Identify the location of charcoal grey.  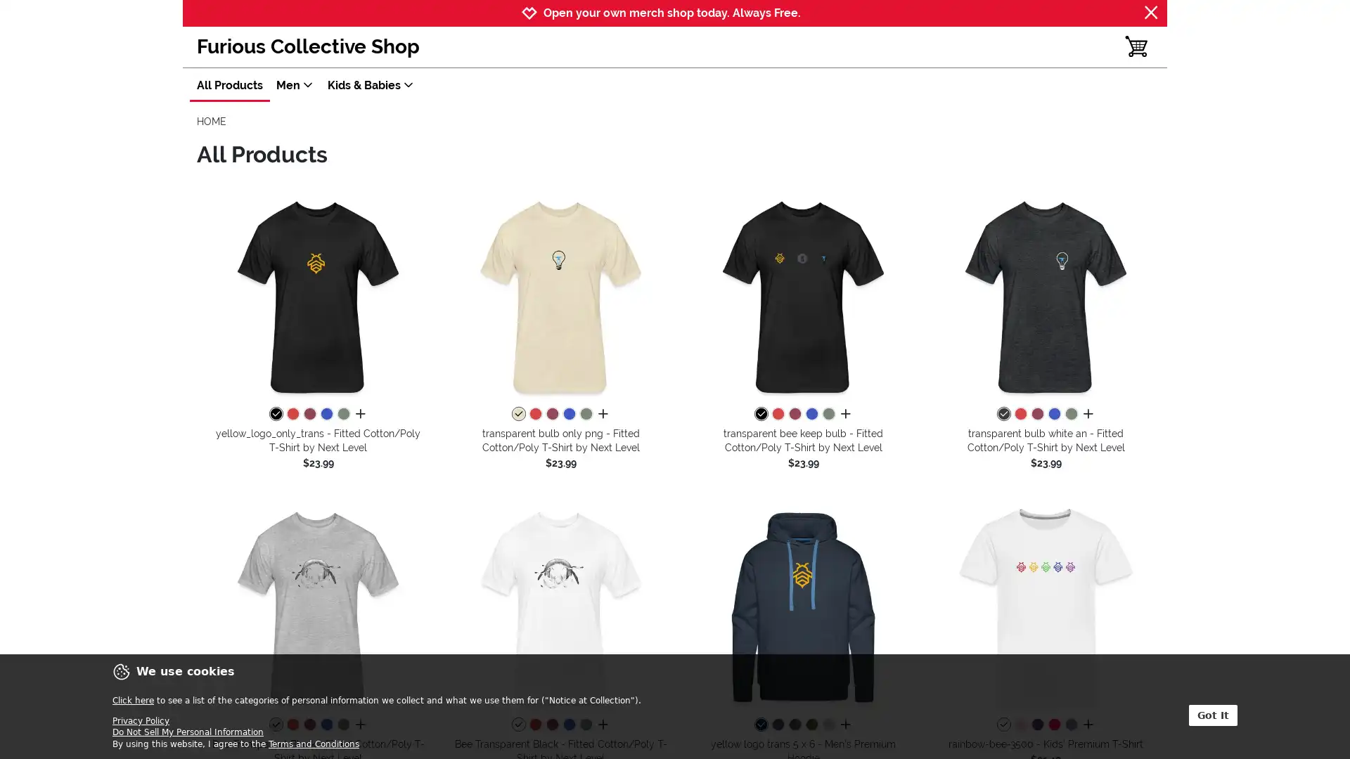
(794, 725).